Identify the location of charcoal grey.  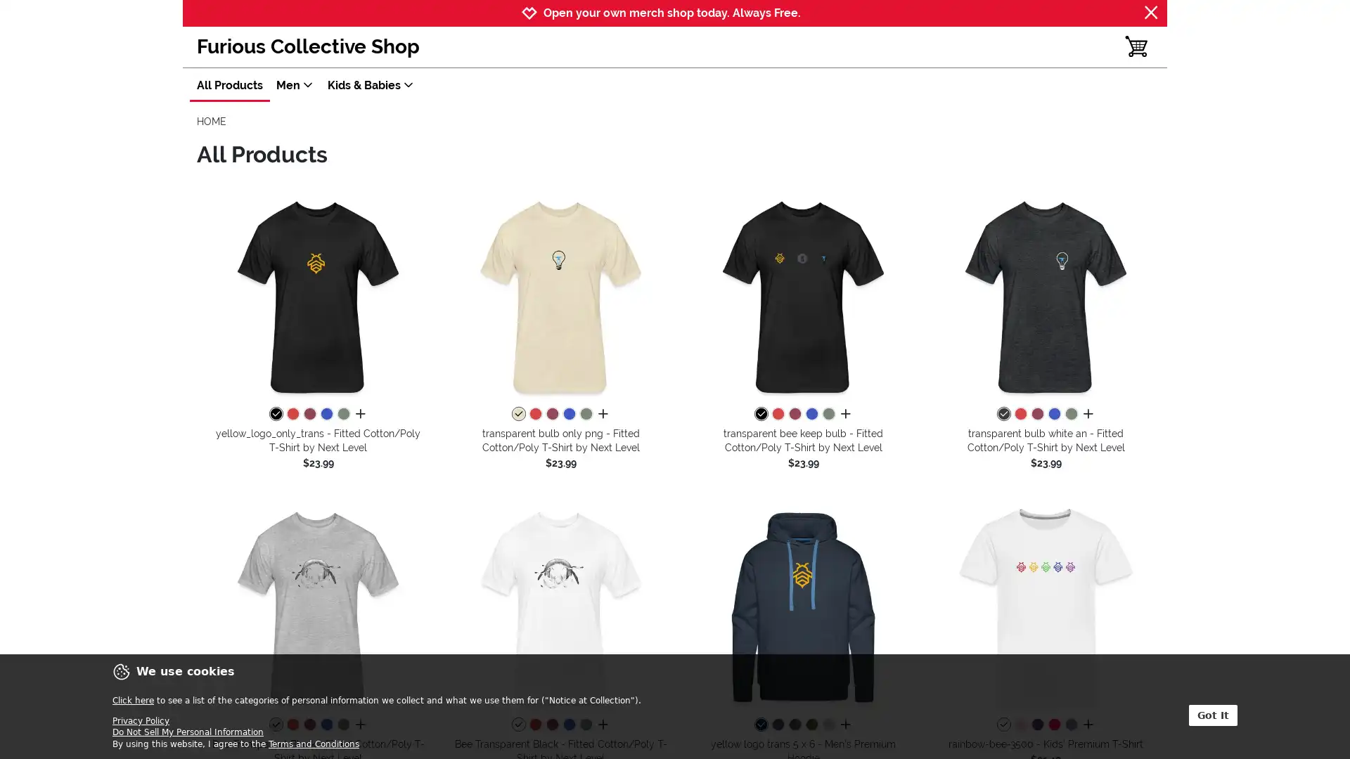
(794, 725).